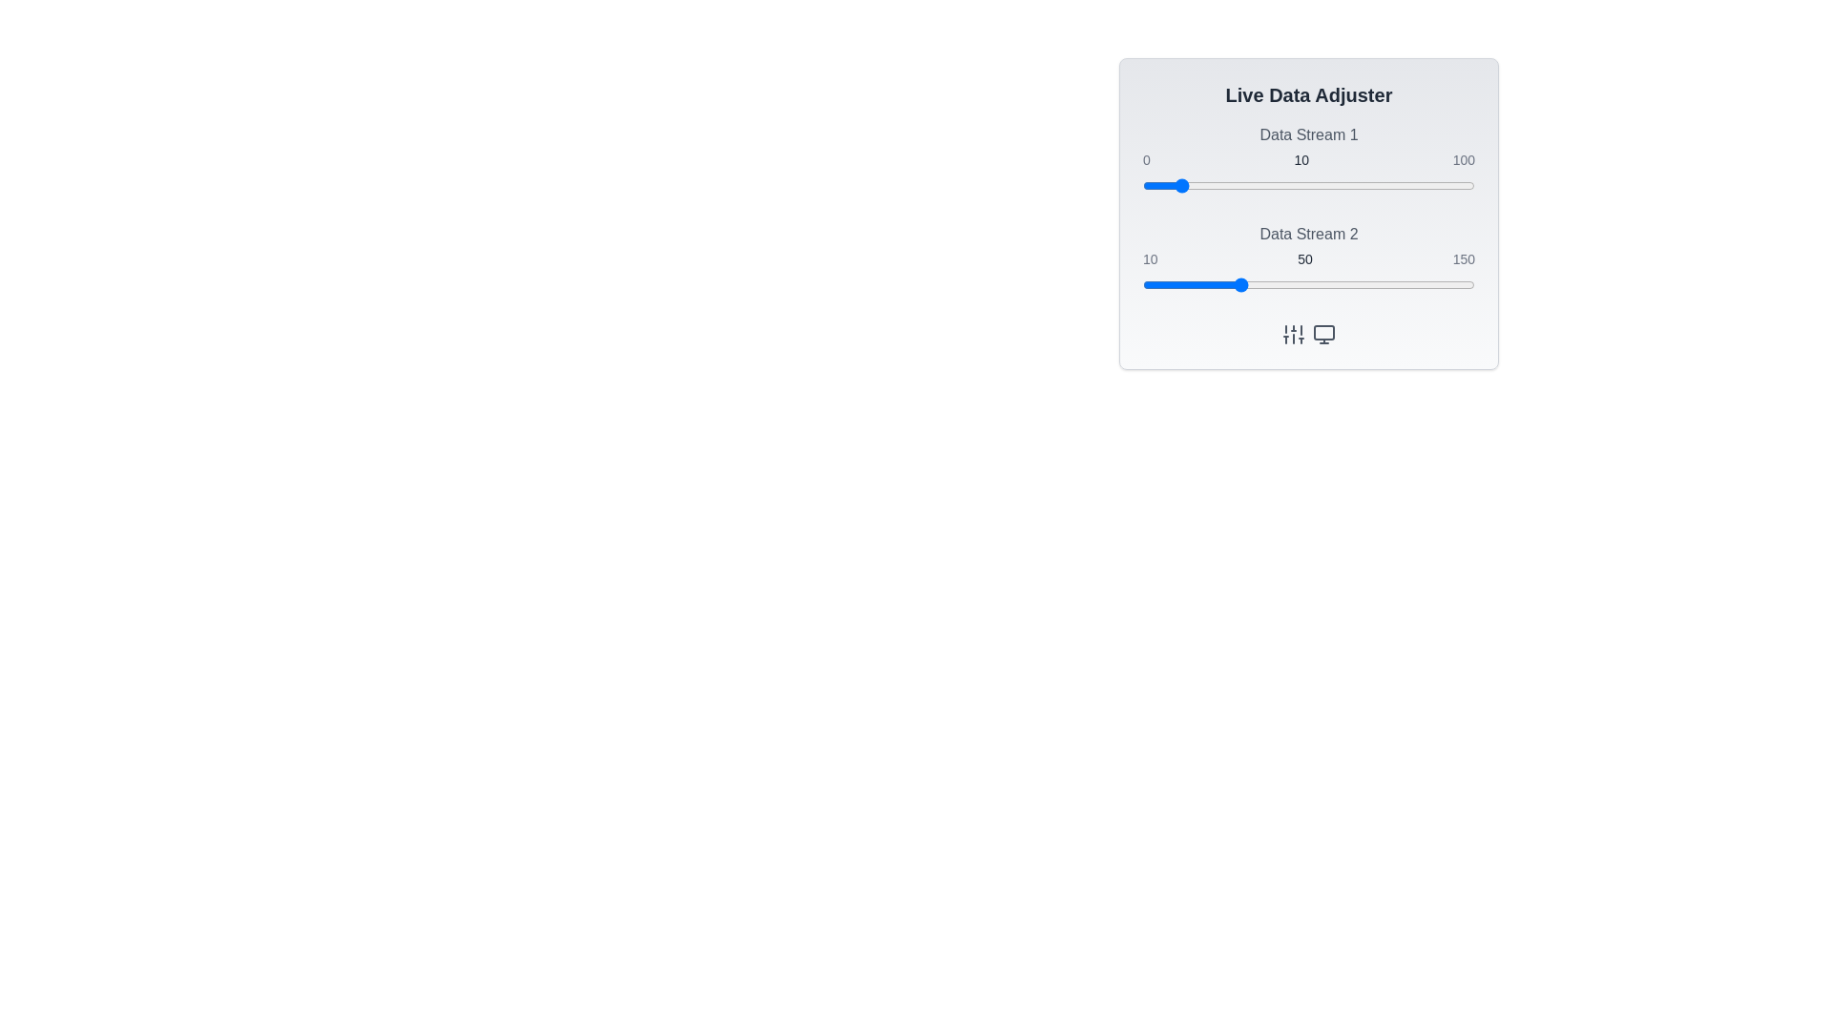  What do you see at coordinates (1438, 186) in the screenshot?
I see `the slider` at bounding box center [1438, 186].